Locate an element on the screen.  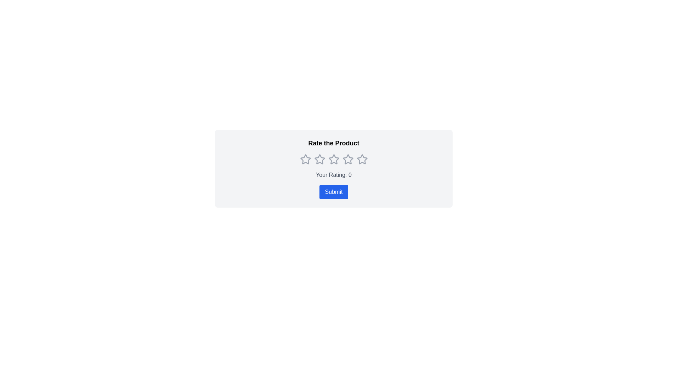
the fifth star-shaped icon, which is gray and outlined, to rate 5 stars is located at coordinates (348, 160).